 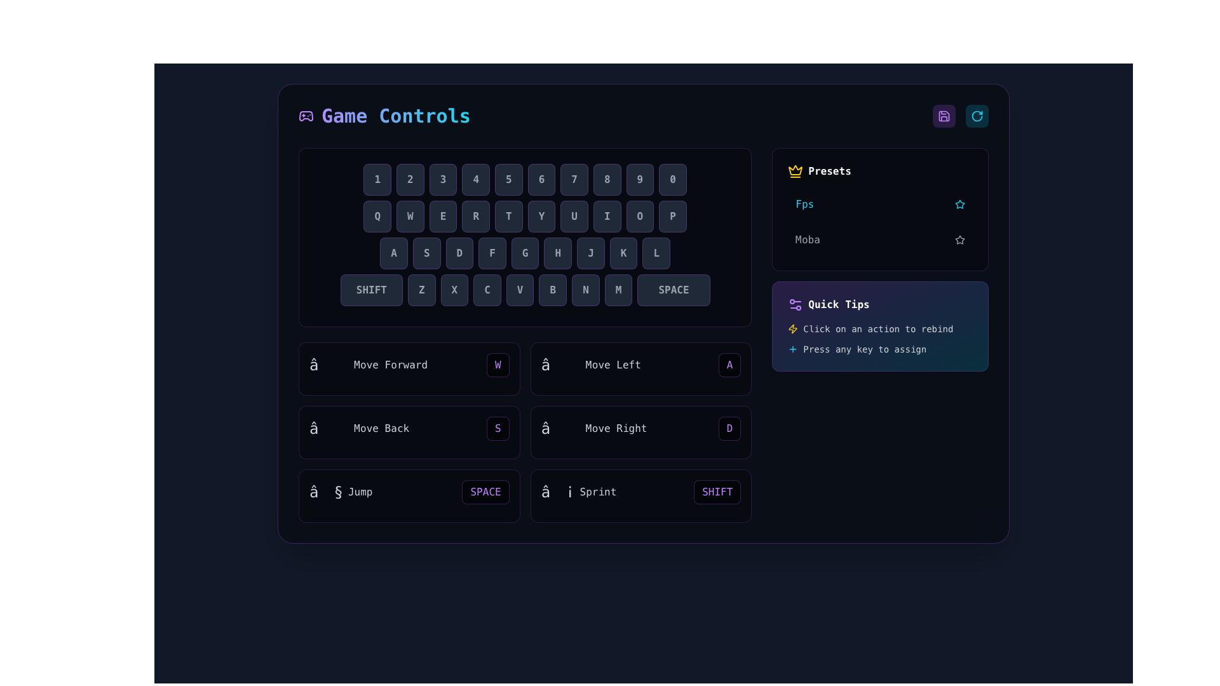 What do you see at coordinates (618, 290) in the screenshot?
I see `the button labeled 'M' with a dark gray background for keyboard navigation` at bounding box center [618, 290].